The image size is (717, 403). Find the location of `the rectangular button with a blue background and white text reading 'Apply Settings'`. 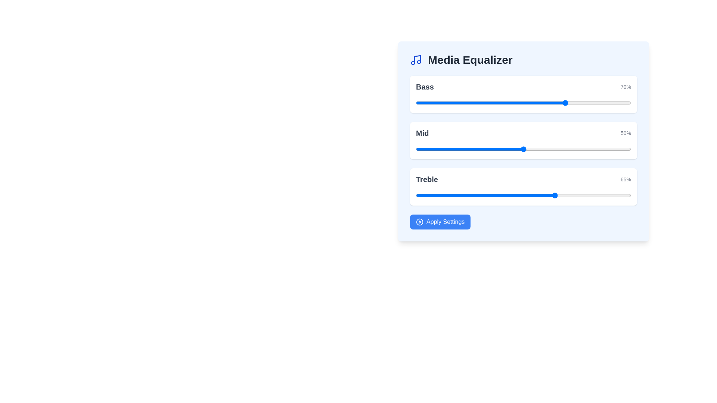

the rectangular button with a blue background and white text reading 'Apply Settings' is located at coordinates (440, 221).